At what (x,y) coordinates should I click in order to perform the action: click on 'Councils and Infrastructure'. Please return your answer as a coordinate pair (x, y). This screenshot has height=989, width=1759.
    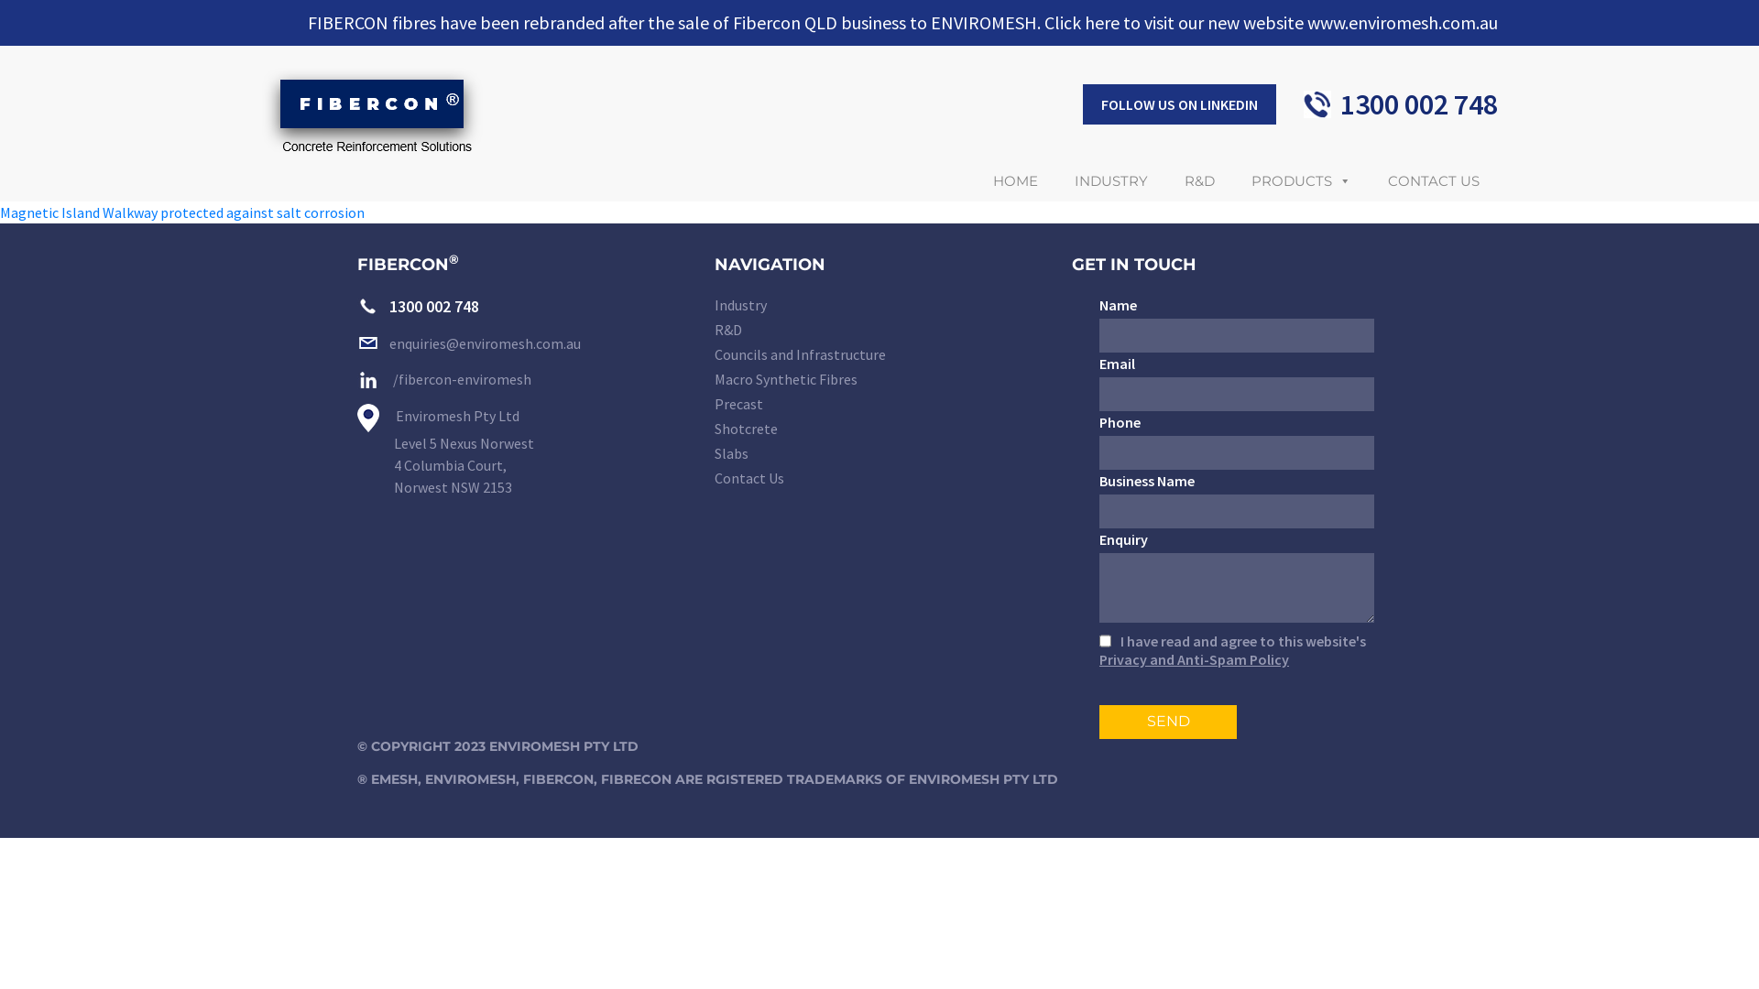
    Looking at the image, I should click on (879, 355).